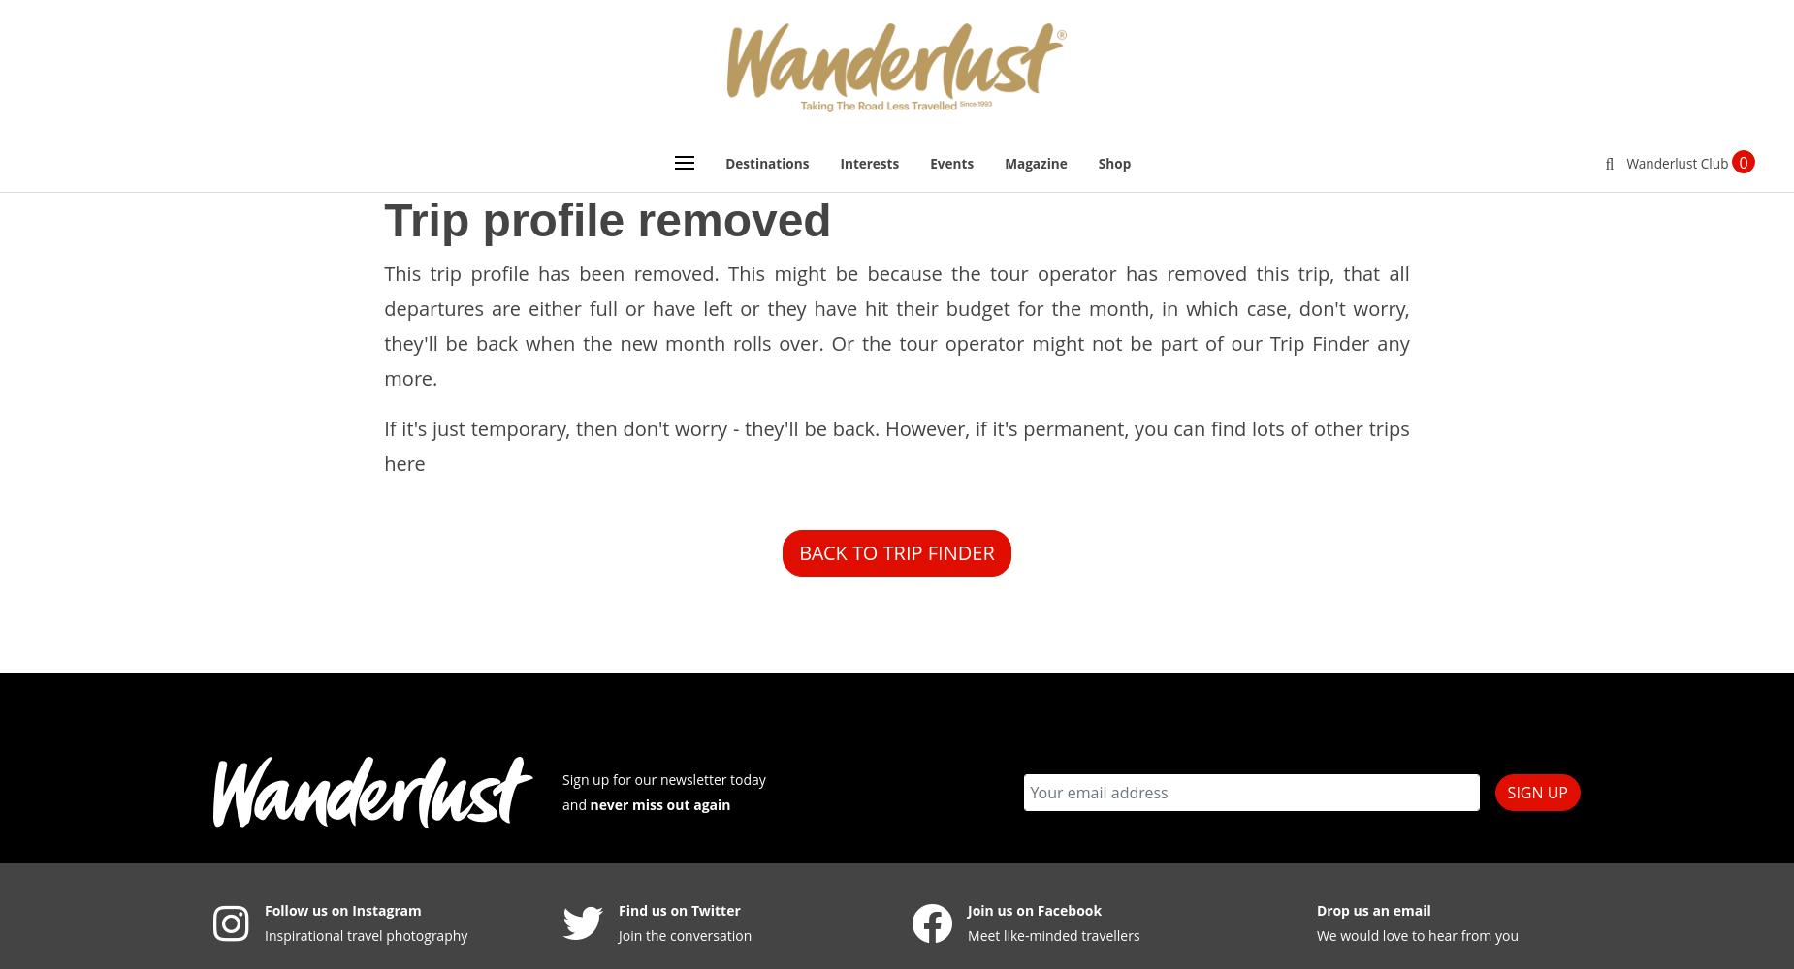  What do you see at coordinates (659, 802) in the screenshot?
I see `'never miss out again'` at bounding box center [659, 802].